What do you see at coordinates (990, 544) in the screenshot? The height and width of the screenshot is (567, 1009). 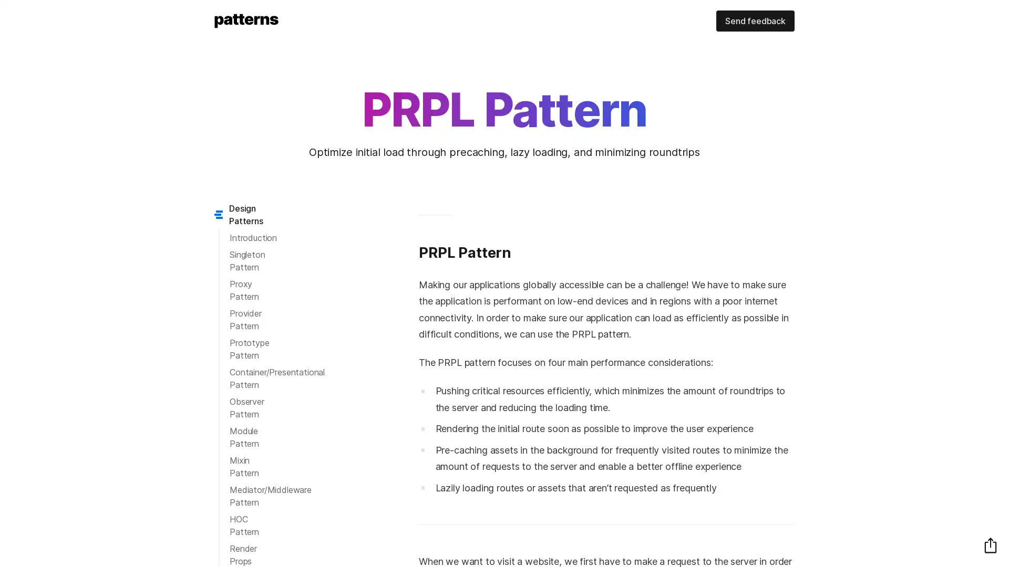 I see `Share` at bounding box center [990, 544].